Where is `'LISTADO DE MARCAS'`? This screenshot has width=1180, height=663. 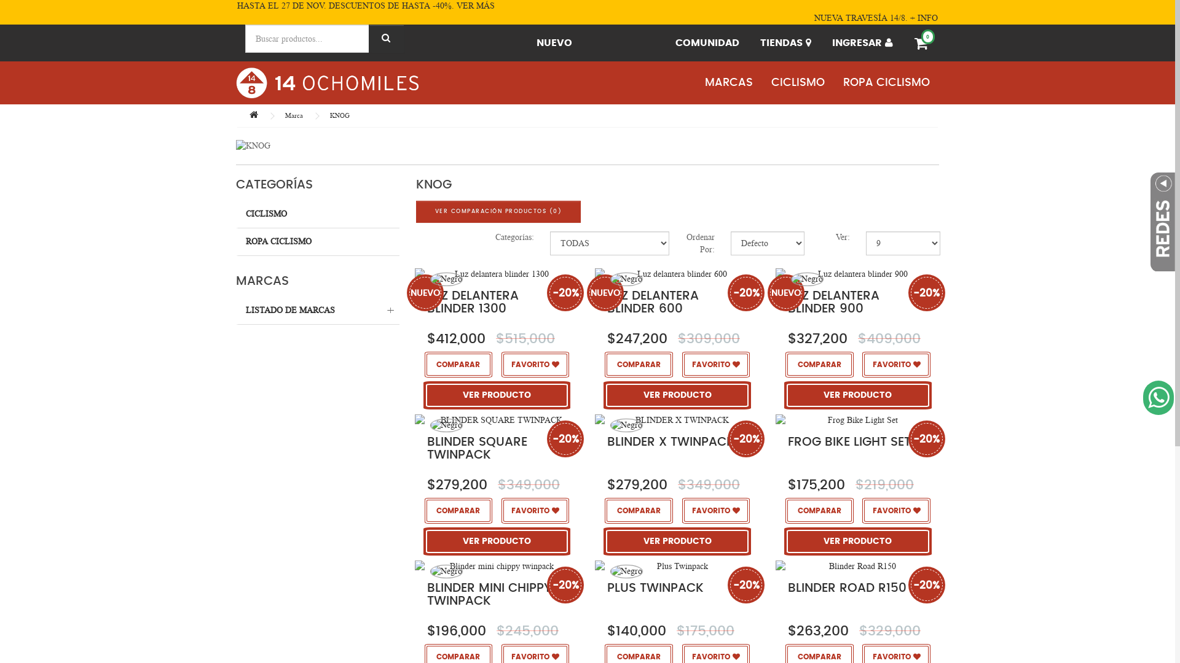
'LISTADO DE MARCAS' is located at coordinates (318, 310).